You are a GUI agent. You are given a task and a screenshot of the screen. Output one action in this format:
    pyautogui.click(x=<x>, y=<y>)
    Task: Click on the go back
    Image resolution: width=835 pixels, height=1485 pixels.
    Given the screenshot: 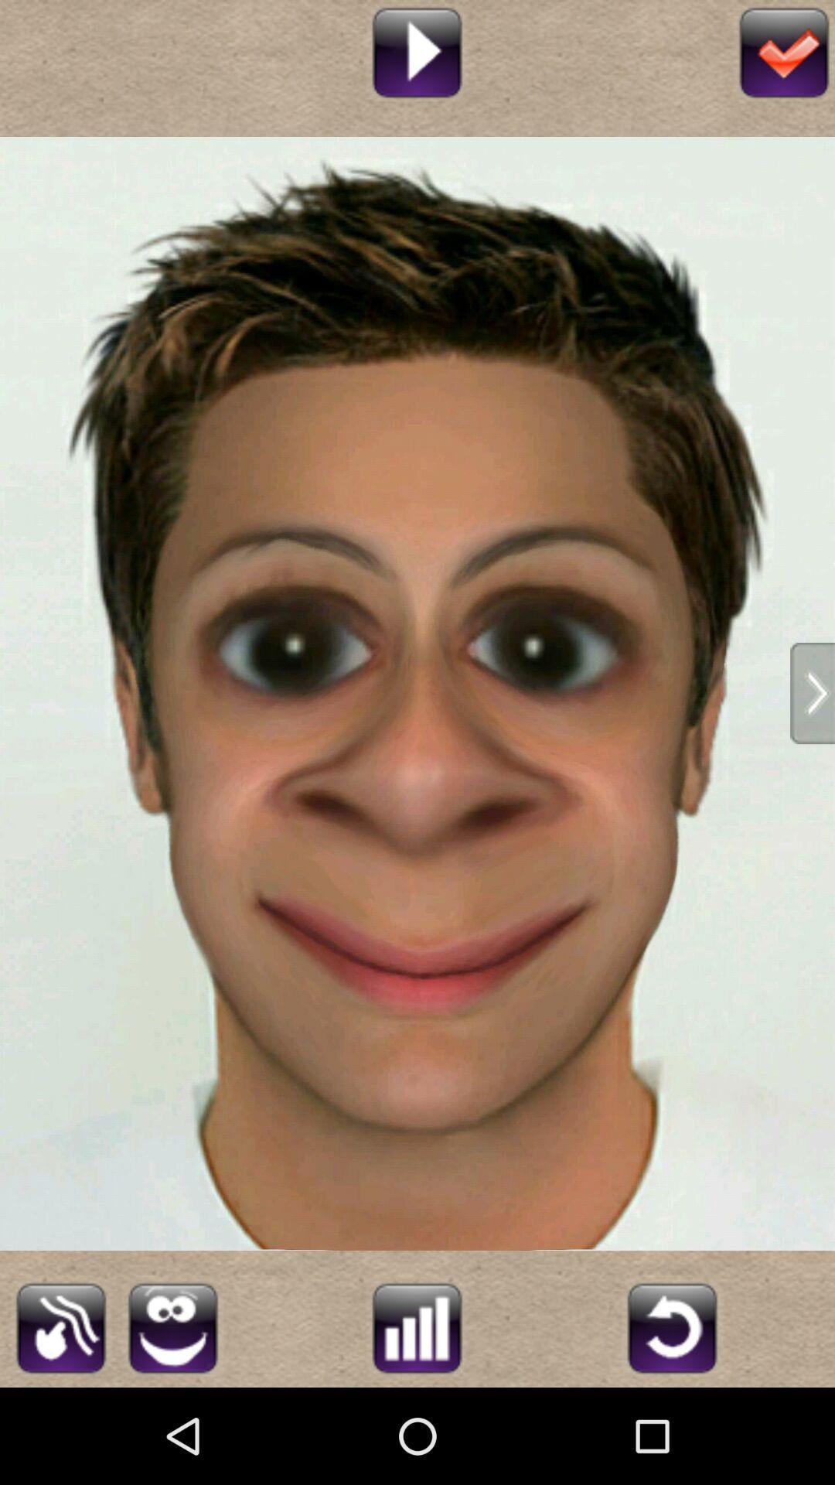 What is the action you would take?
    pyautogui.click(x=671, y=1325)
    